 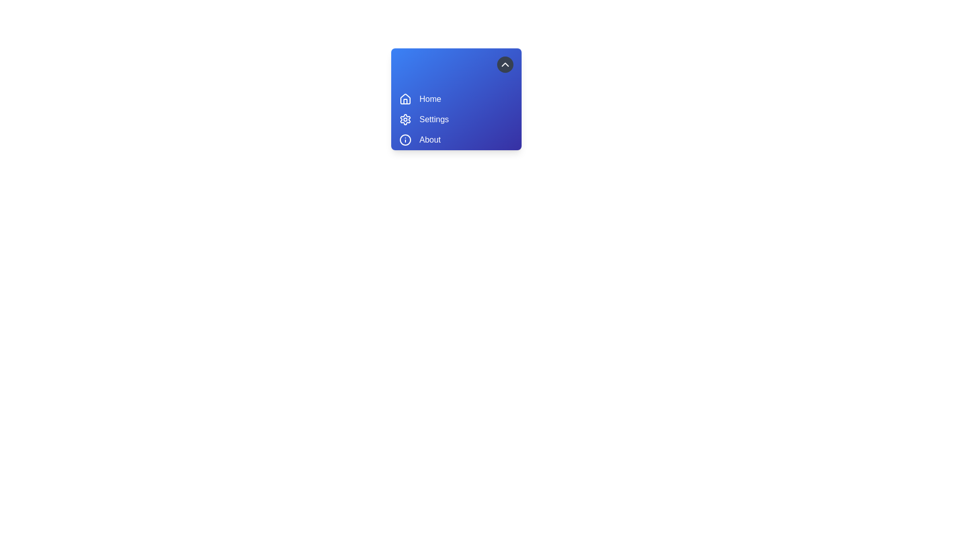 I want to click on the 'Home' icon located in the top-left corner of the blue panel, which serves as a visual indicator for navigating to the main section of the application, so click(x=404, y=99).